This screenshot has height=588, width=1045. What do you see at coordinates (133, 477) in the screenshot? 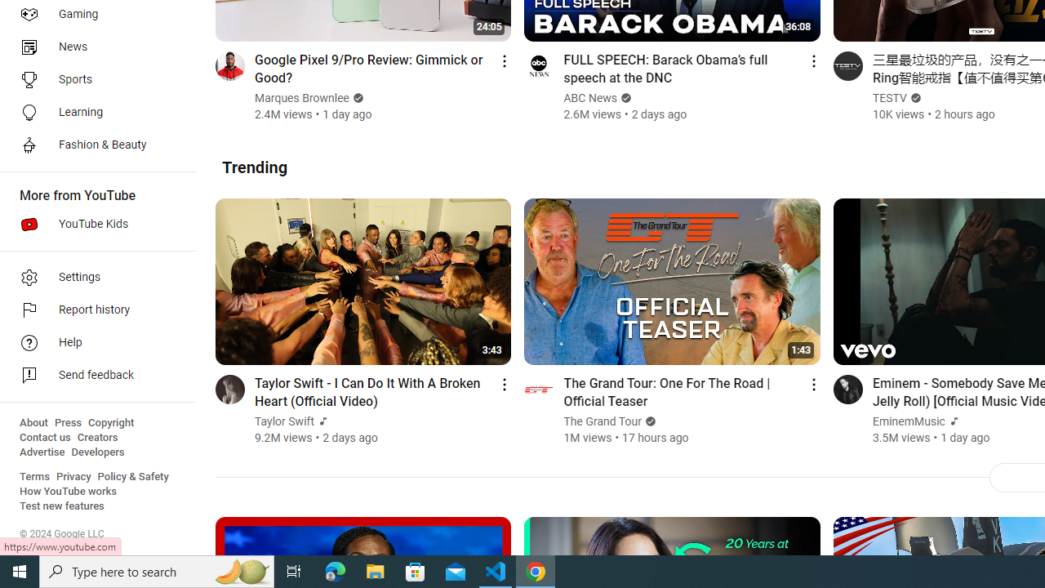
I see `'Policy & Safety'` at bounding box center [133, 477].